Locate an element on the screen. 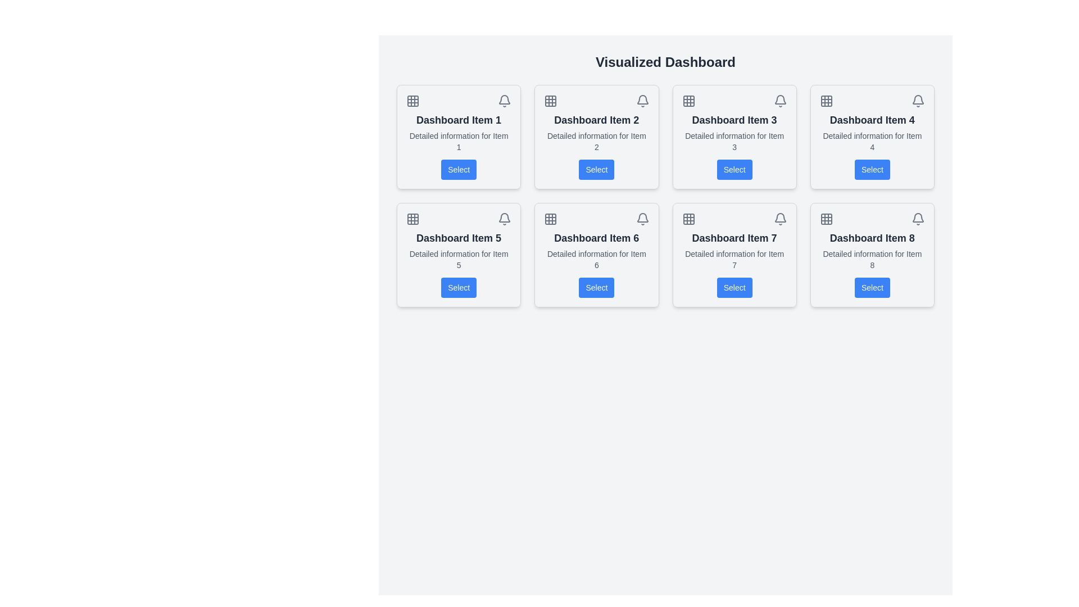 Image resolution: width=1079 pixels, height=607 pixels. the button associated with 'Dashboard Item 4' to observe the hover effect is located at coordinates (872, 169).